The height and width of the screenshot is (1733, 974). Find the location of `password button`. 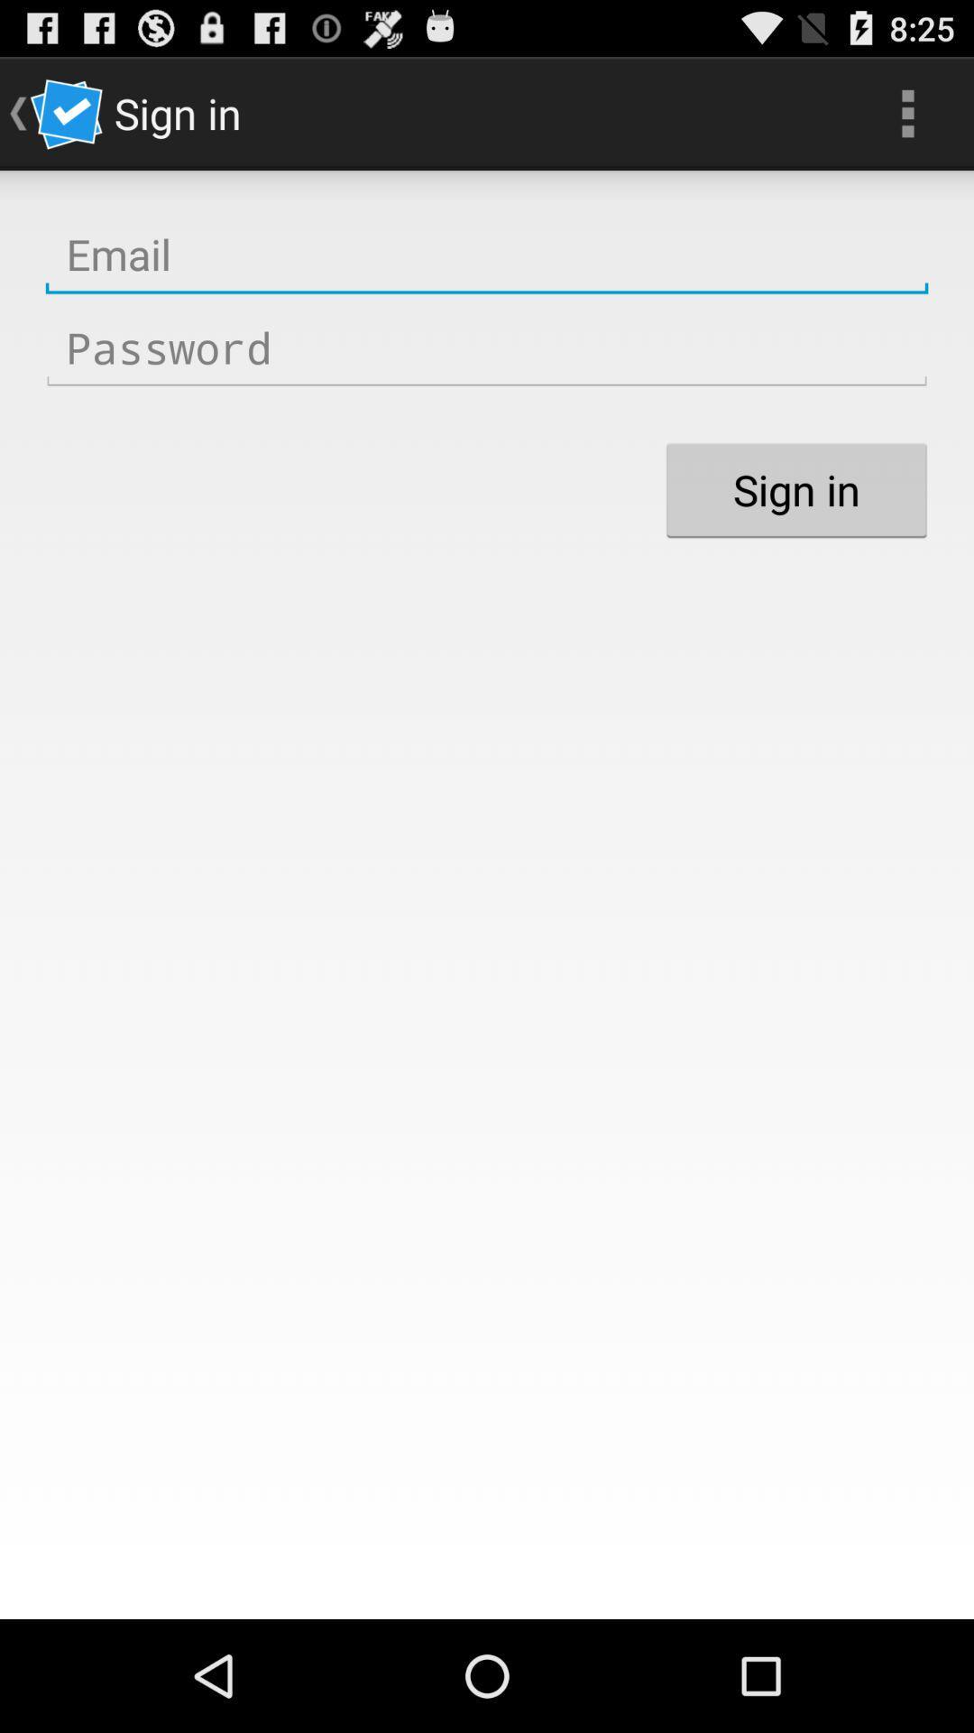

password button is located at coordinates (487, 348).